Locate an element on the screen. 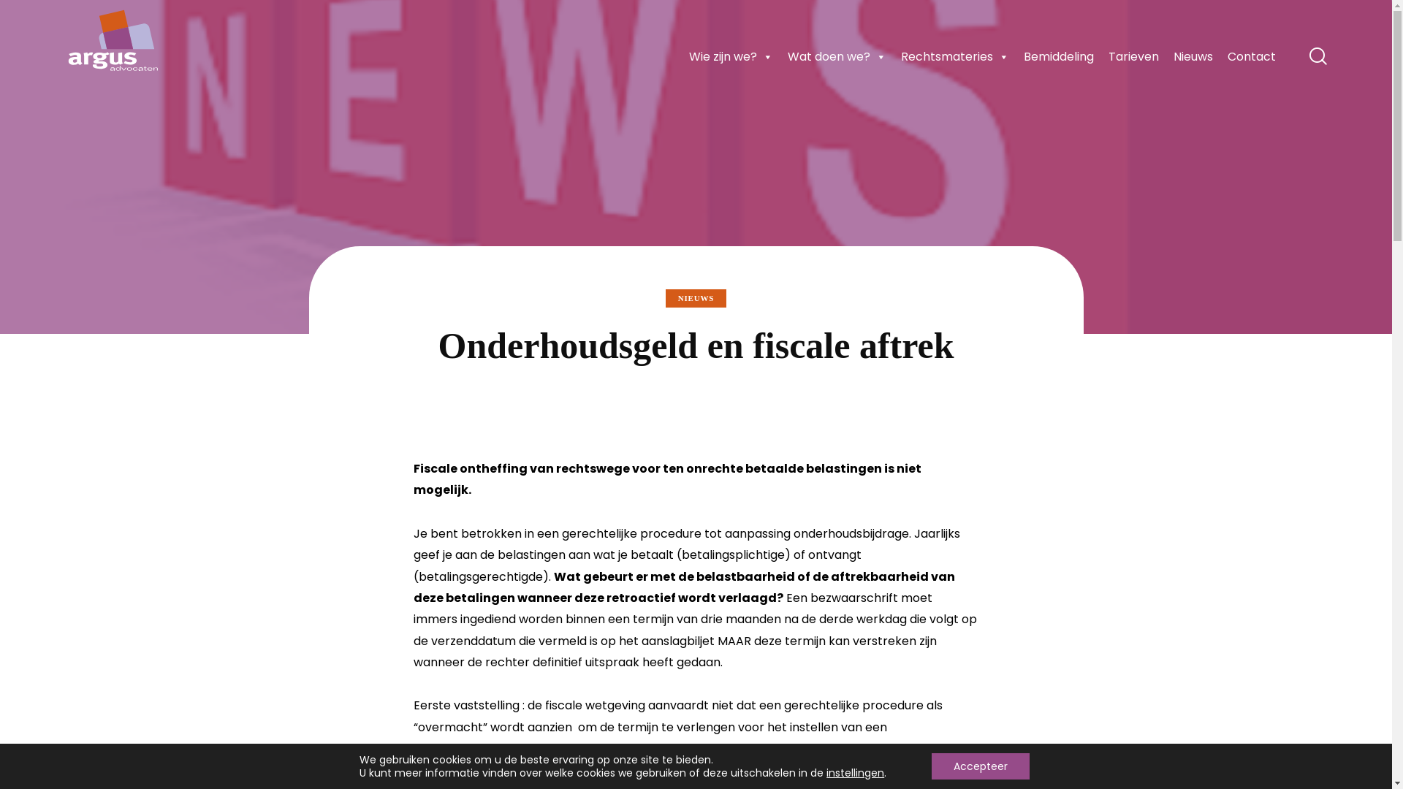 This screenshot has width=1403, height=789. 'Wat doen we?' is located at coordinates (837, 56).